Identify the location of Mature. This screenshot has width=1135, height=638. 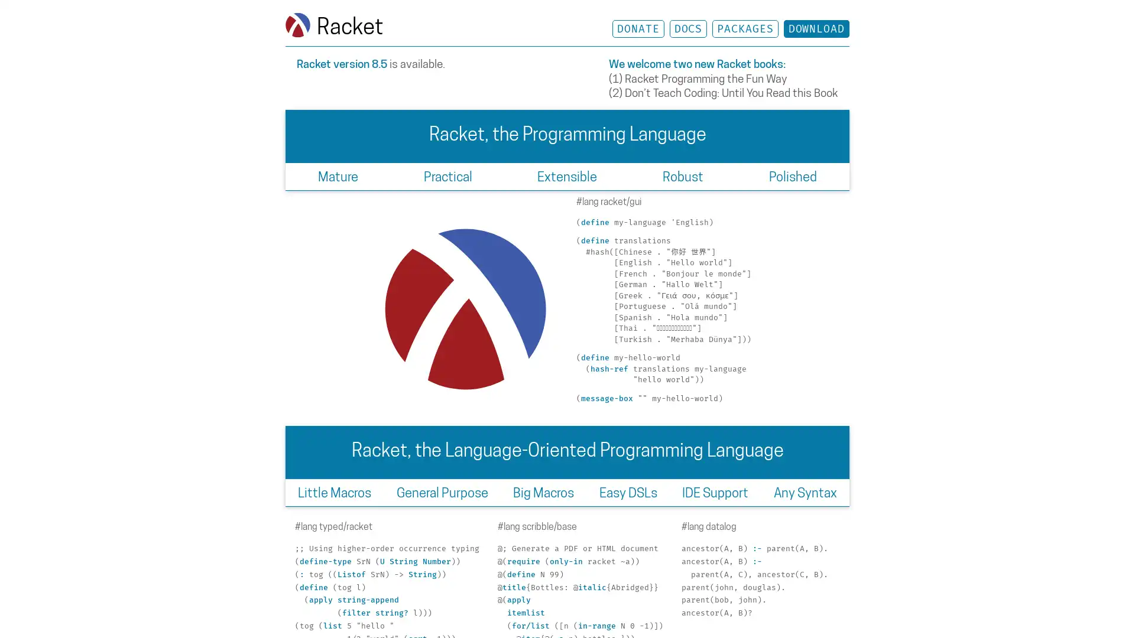
(337, 176).